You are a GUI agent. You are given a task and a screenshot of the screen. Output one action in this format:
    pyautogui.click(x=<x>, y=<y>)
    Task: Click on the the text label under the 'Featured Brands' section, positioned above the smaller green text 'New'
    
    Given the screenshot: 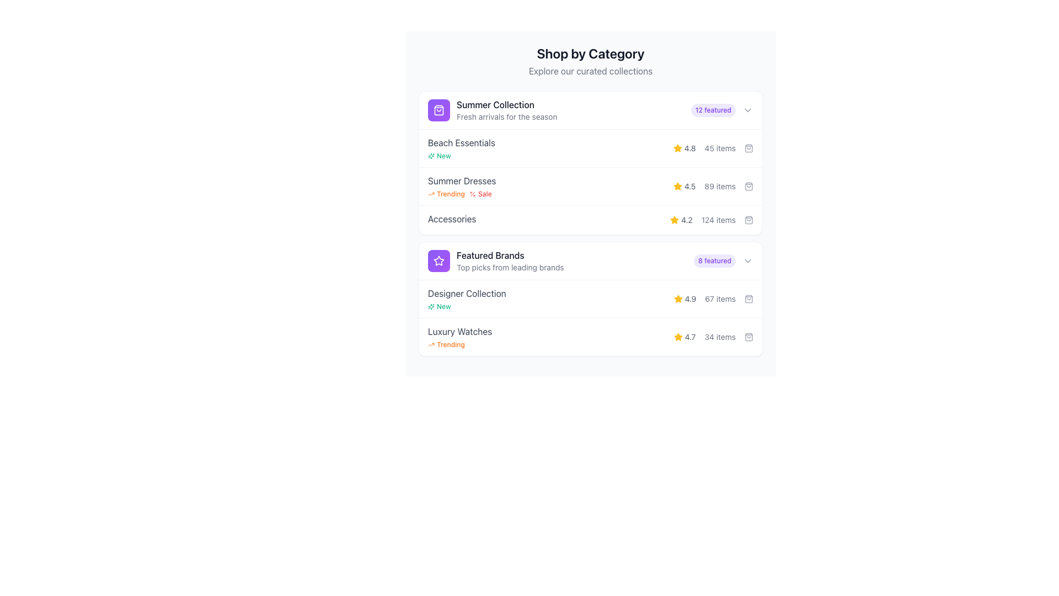 What is the action you would take?
    pyautogui.click(x=467, y=293)
    